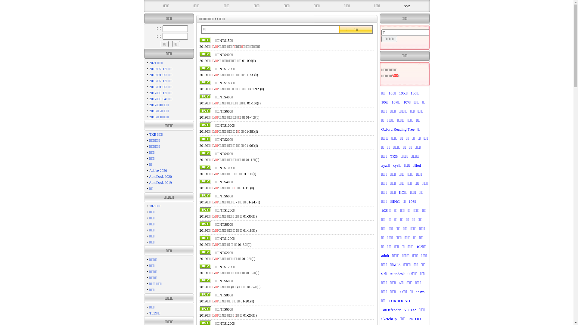 The width and height of the screenshot is (578, 325). Describe the element at coordinates (390, 310) in the screenshot. I see `'BitDefender'` at that location.